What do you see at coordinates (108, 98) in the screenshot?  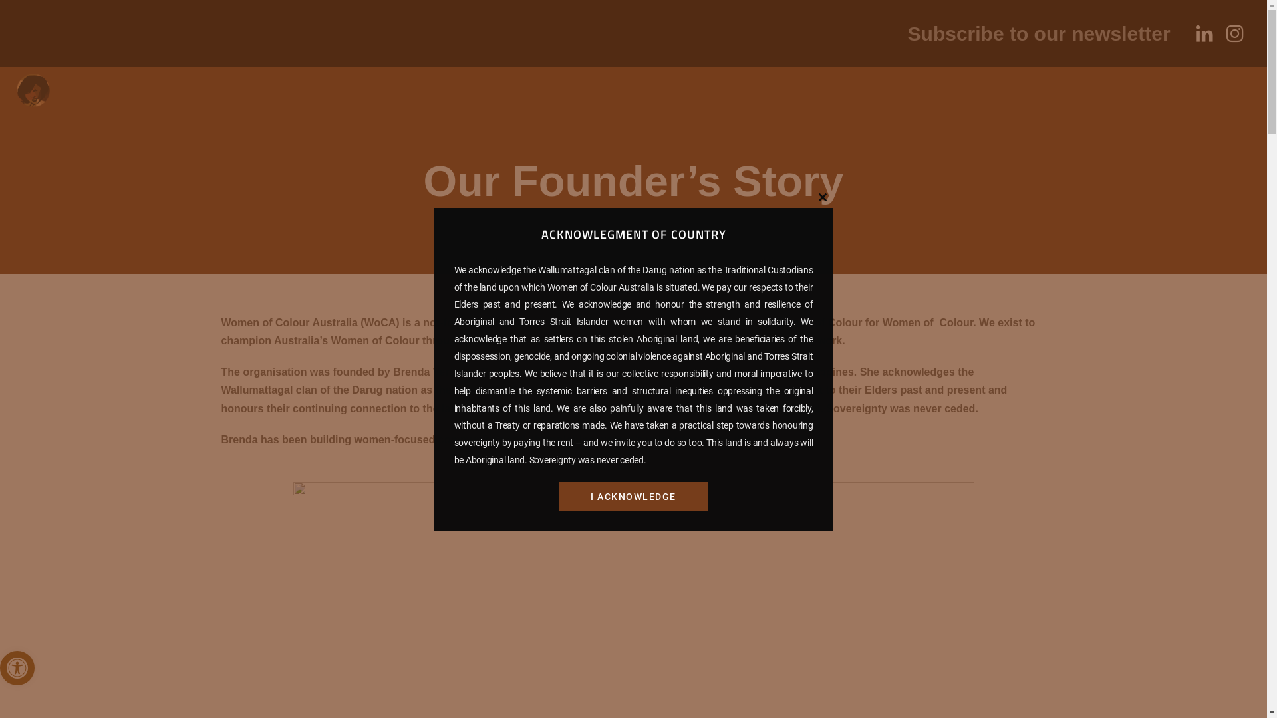 I see `'HOME'` at bounding box center [108, 98].